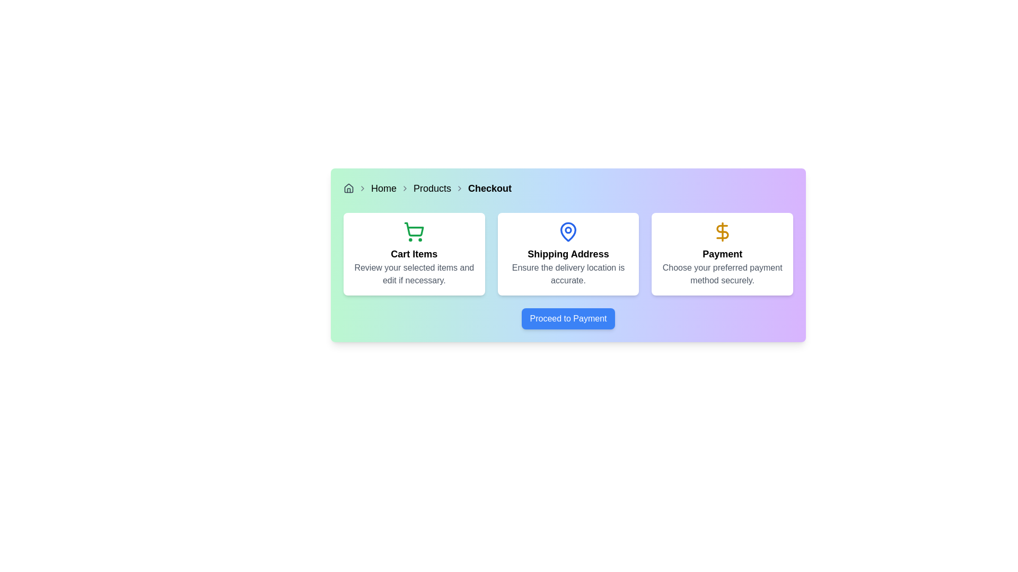  I want to click on the blue rectangular button labeled 'Proceed to Payment', so click(567, 318).